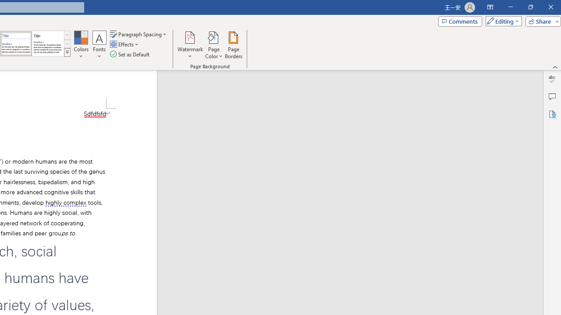 The width and height of the screenshot is (561, 315). What do you see at coordinates (214, 45) in the screenshot?
I see `'Page Color'` at bounding box center [214, 45].